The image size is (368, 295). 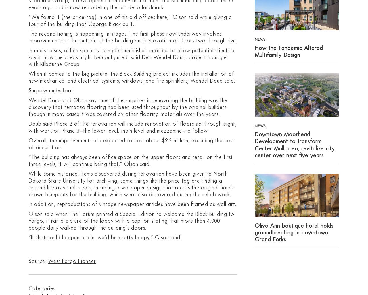 What do you see at coordinates (288, 51) in the screenshot?
I see `'How the Pandemic Altered Multifamily Design'` at bounding box center [288, 51].